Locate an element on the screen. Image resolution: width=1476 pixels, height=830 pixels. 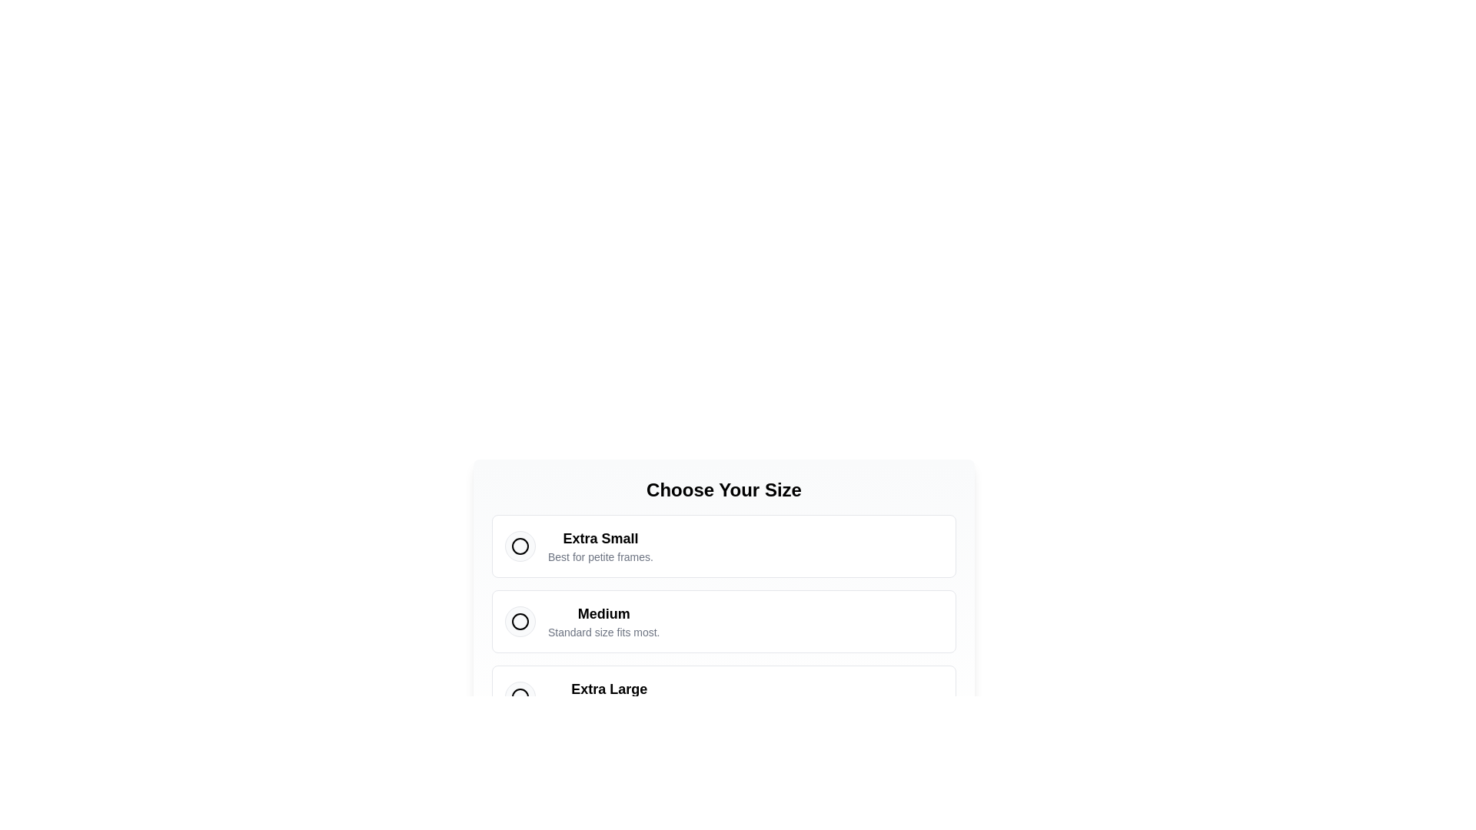
the 'Extra Large' size option icon, which is positioned to the far left of the text 'Extra Large' in the selection dialog is located at coordinates (520, 696).